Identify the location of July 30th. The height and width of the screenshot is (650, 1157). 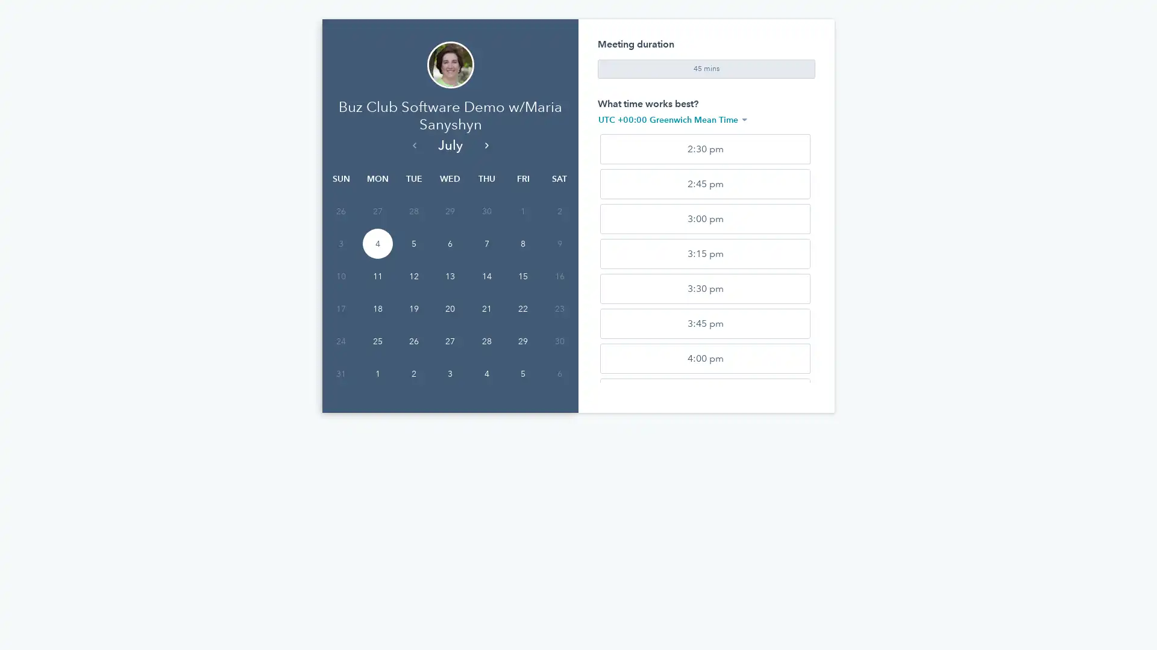
(558, 387).